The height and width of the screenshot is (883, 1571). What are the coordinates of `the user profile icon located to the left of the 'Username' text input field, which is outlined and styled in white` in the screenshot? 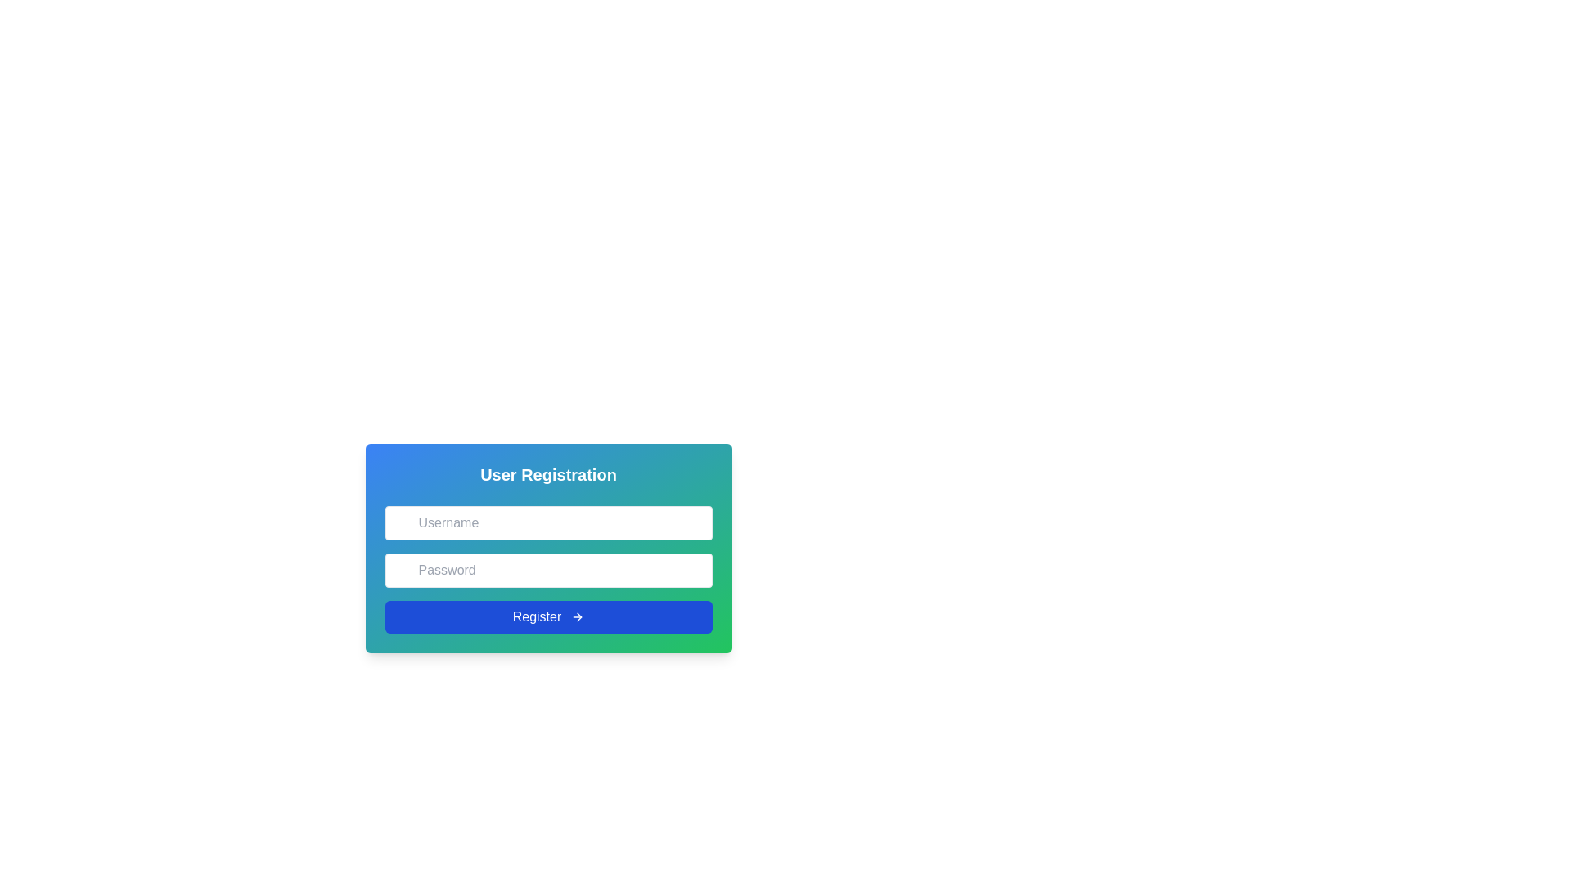 It's located at (403, 513).